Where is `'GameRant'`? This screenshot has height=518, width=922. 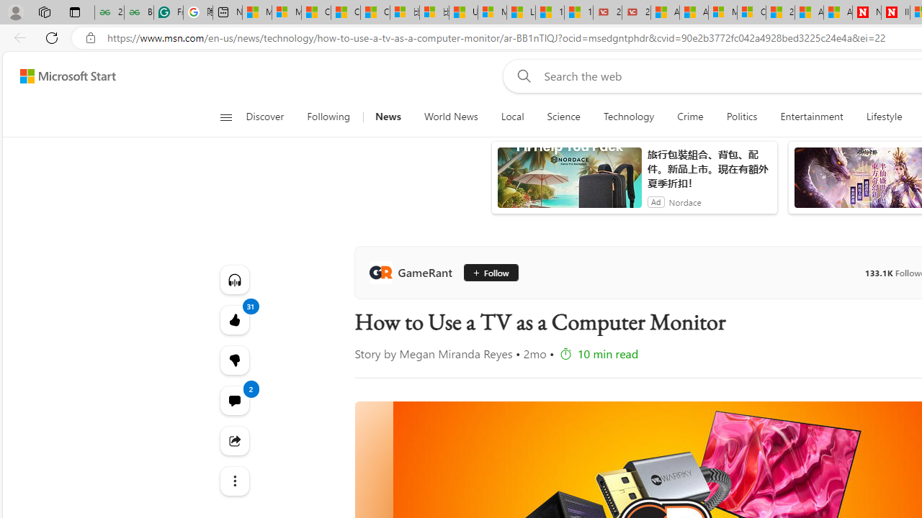 'GameRant' is located at coordinates (413, 273).